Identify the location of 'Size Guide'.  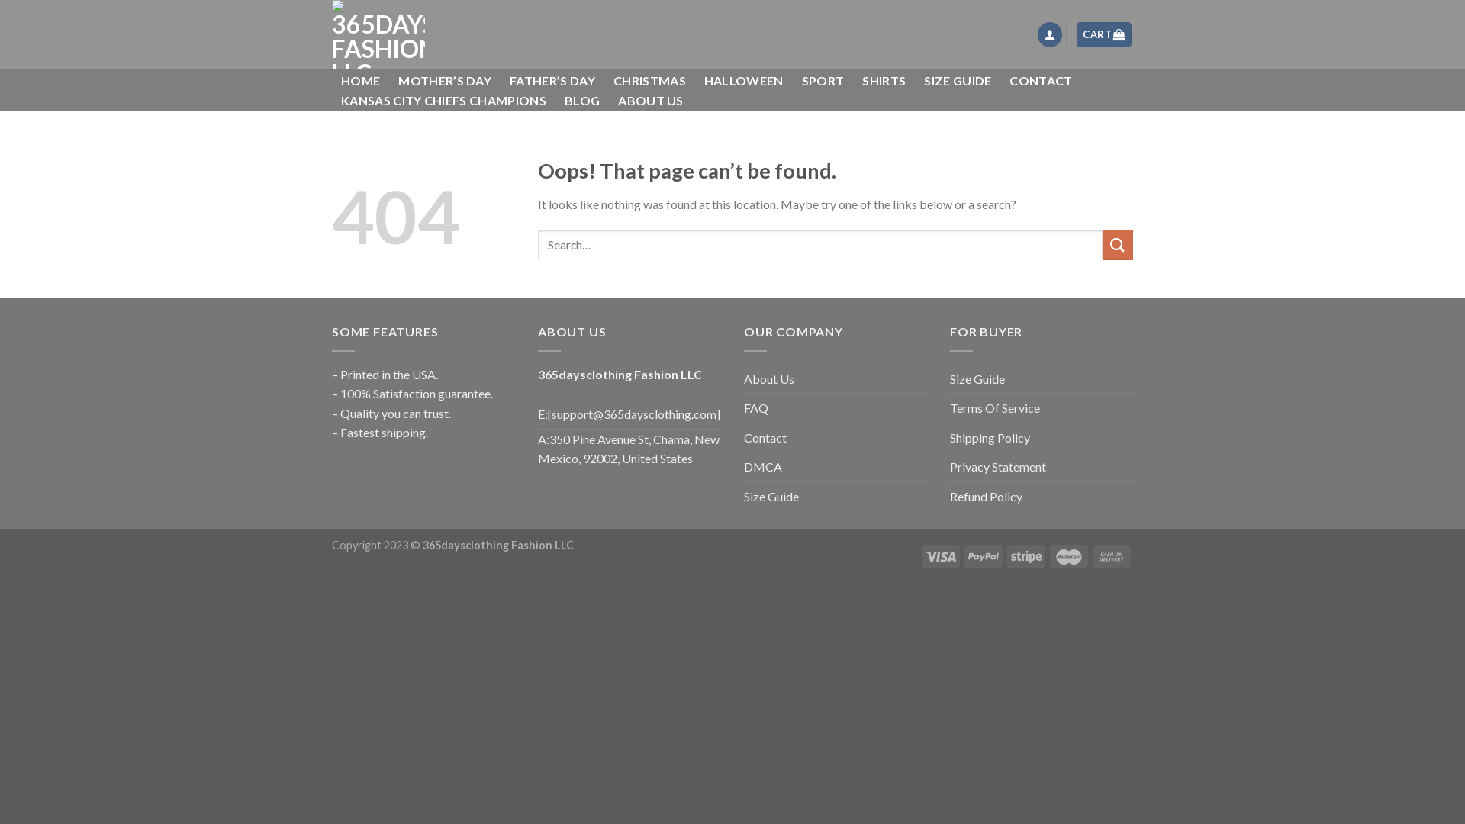
(771, 497).